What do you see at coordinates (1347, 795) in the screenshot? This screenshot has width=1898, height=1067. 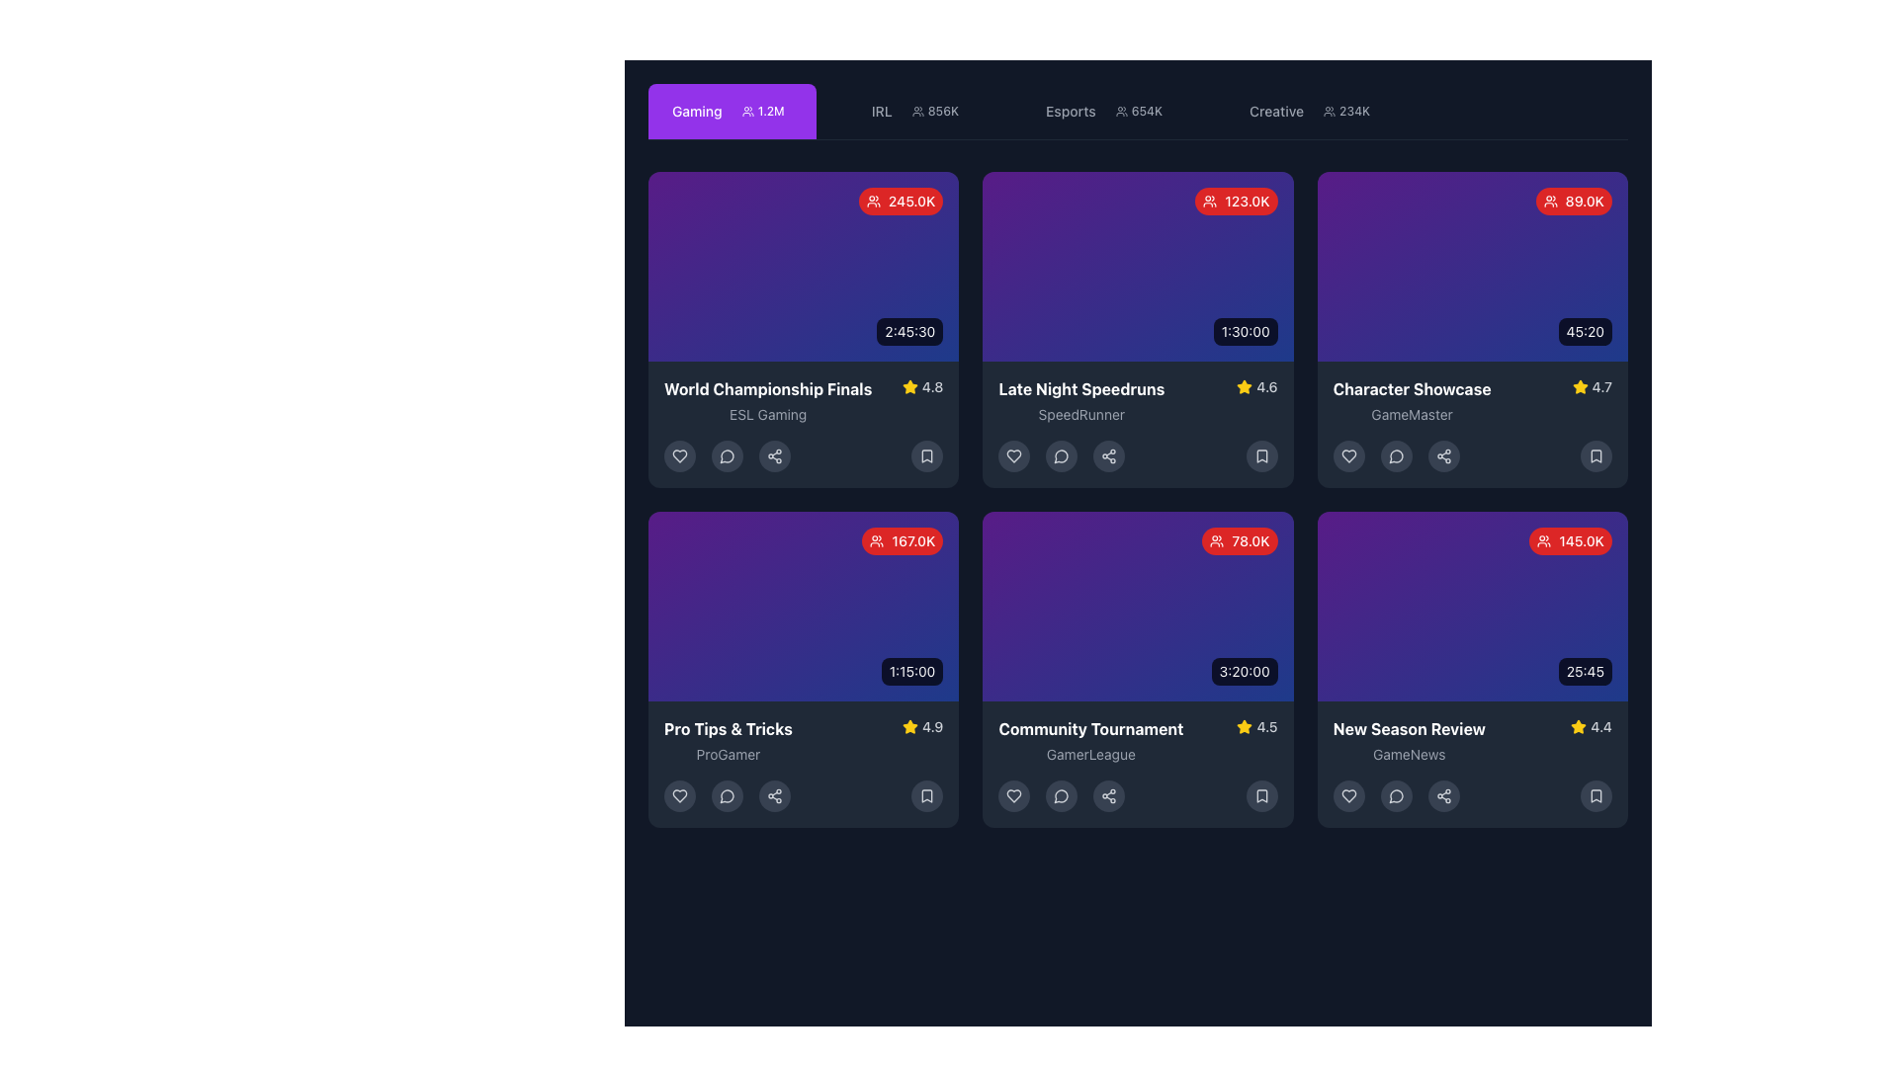 I see `the heart-shaped icon button located at the bottom-right of the card-style content area to favorite the associated content` at bounding box center [1347, 795].